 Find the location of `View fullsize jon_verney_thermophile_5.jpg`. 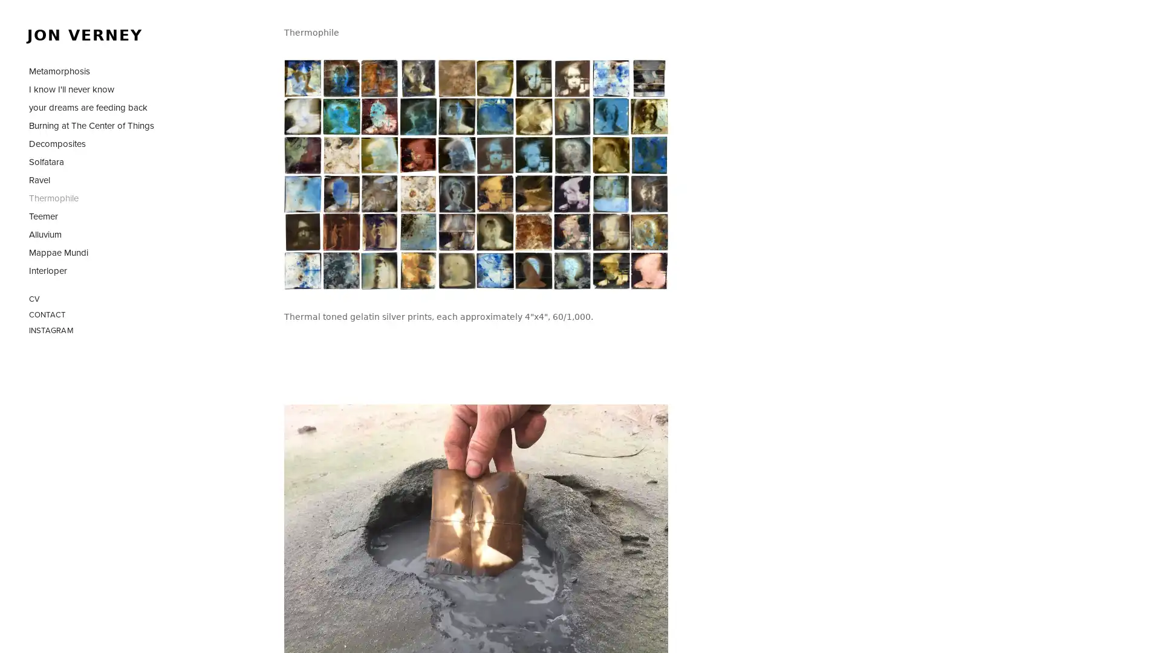

View fullsize jon_verney_thermophile_5.jpg is located at coordinates (340, 116).